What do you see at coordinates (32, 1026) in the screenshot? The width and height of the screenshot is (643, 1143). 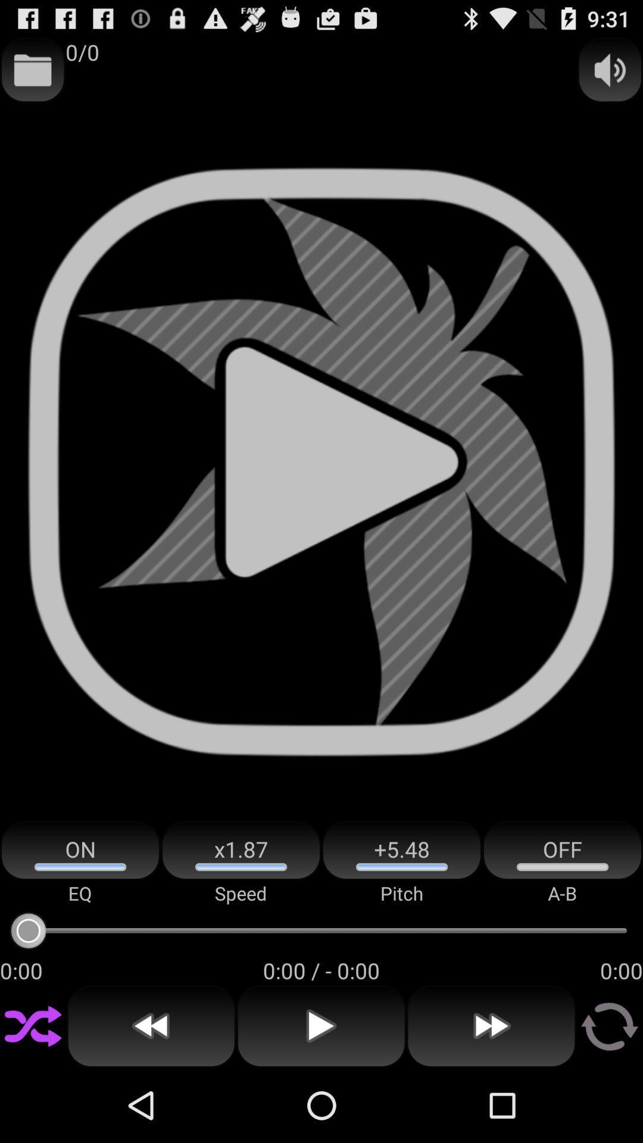 I see `the app below the 0:00` at bounding box center [32, 1026].